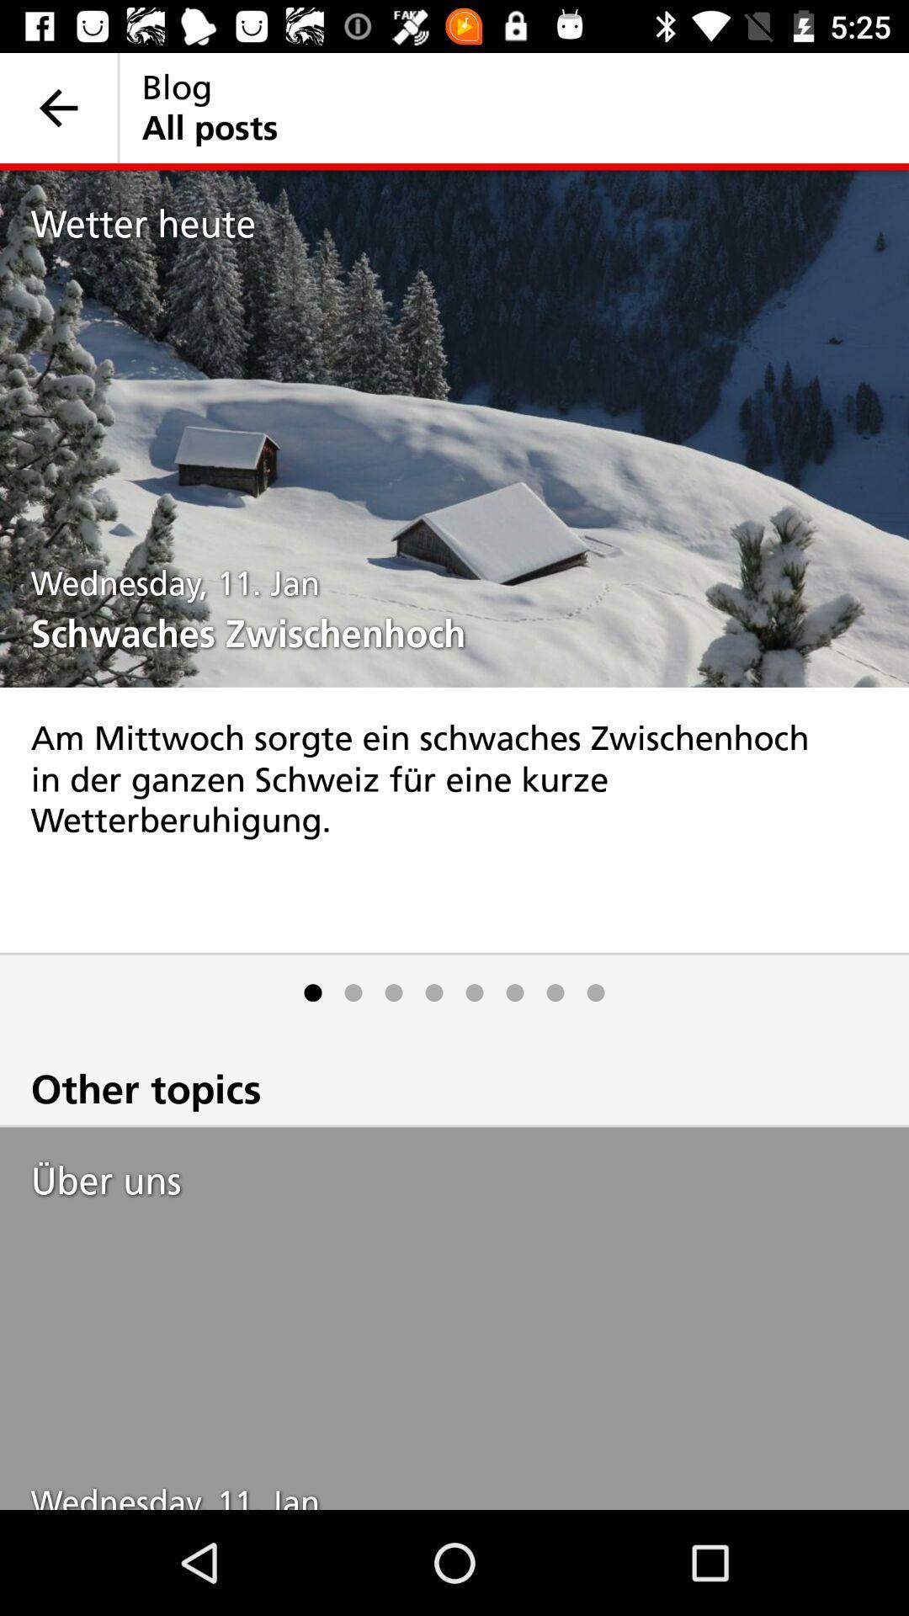  Describe the element at coordinates (470, 223) in the screenshot. I see `item above the wednesday, 11. jan item` at that location.